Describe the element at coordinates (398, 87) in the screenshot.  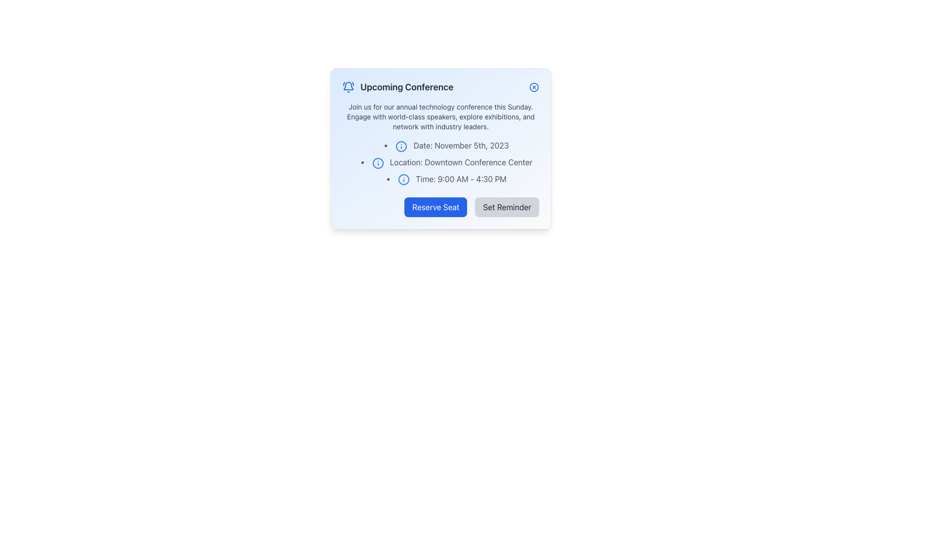
I see `title 'Upcoming Conference' from the Text with Icon element located in the top-left corner of the card-like section` at that location.